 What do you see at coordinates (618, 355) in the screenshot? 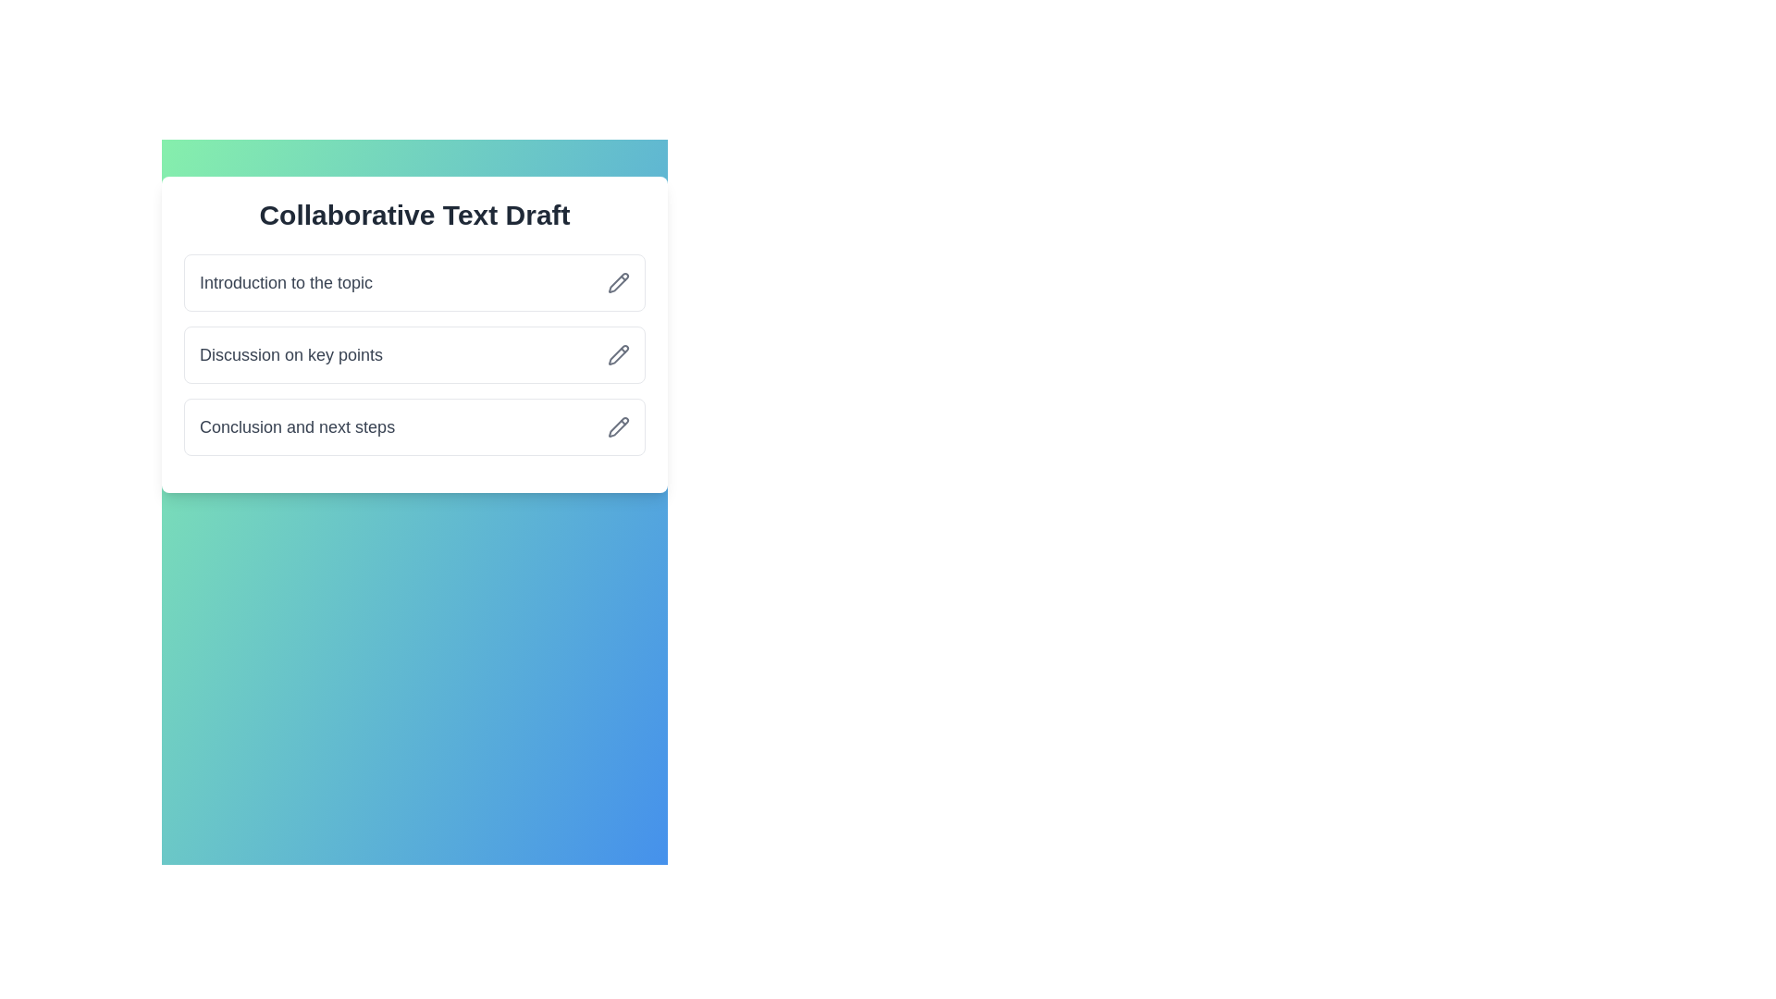
I see `the pencil icon, which symbolizes editing functionality` at bounding box center [618, 355].